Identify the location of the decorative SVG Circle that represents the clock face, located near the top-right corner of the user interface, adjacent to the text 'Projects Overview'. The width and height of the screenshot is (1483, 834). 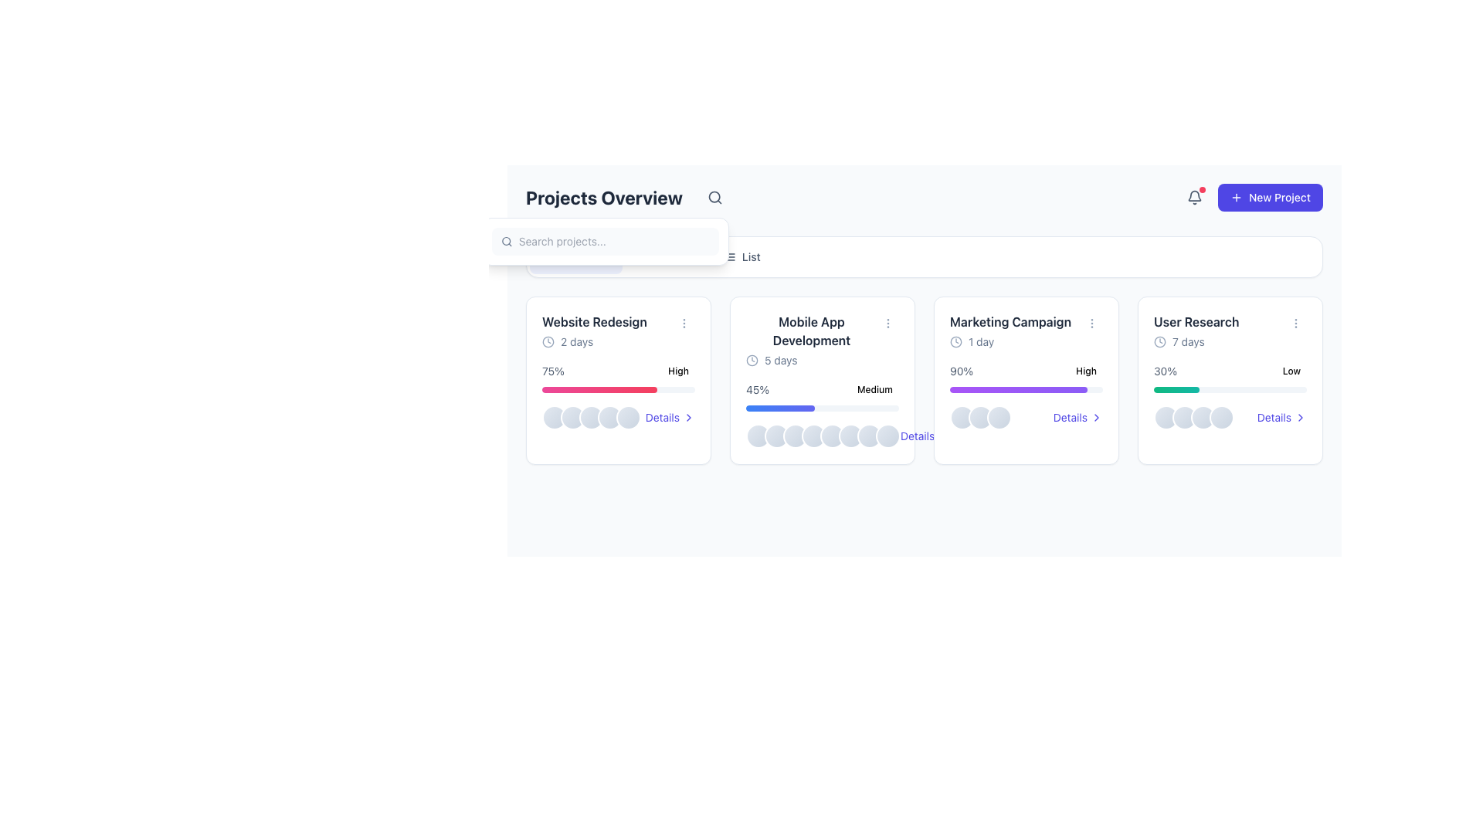
(548, 341).